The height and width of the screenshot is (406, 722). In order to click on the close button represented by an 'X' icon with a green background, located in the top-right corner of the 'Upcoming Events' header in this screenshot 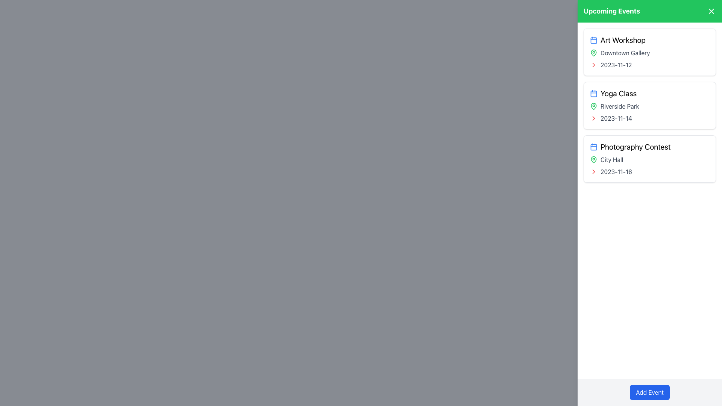, I will do `click(711, 11)`.